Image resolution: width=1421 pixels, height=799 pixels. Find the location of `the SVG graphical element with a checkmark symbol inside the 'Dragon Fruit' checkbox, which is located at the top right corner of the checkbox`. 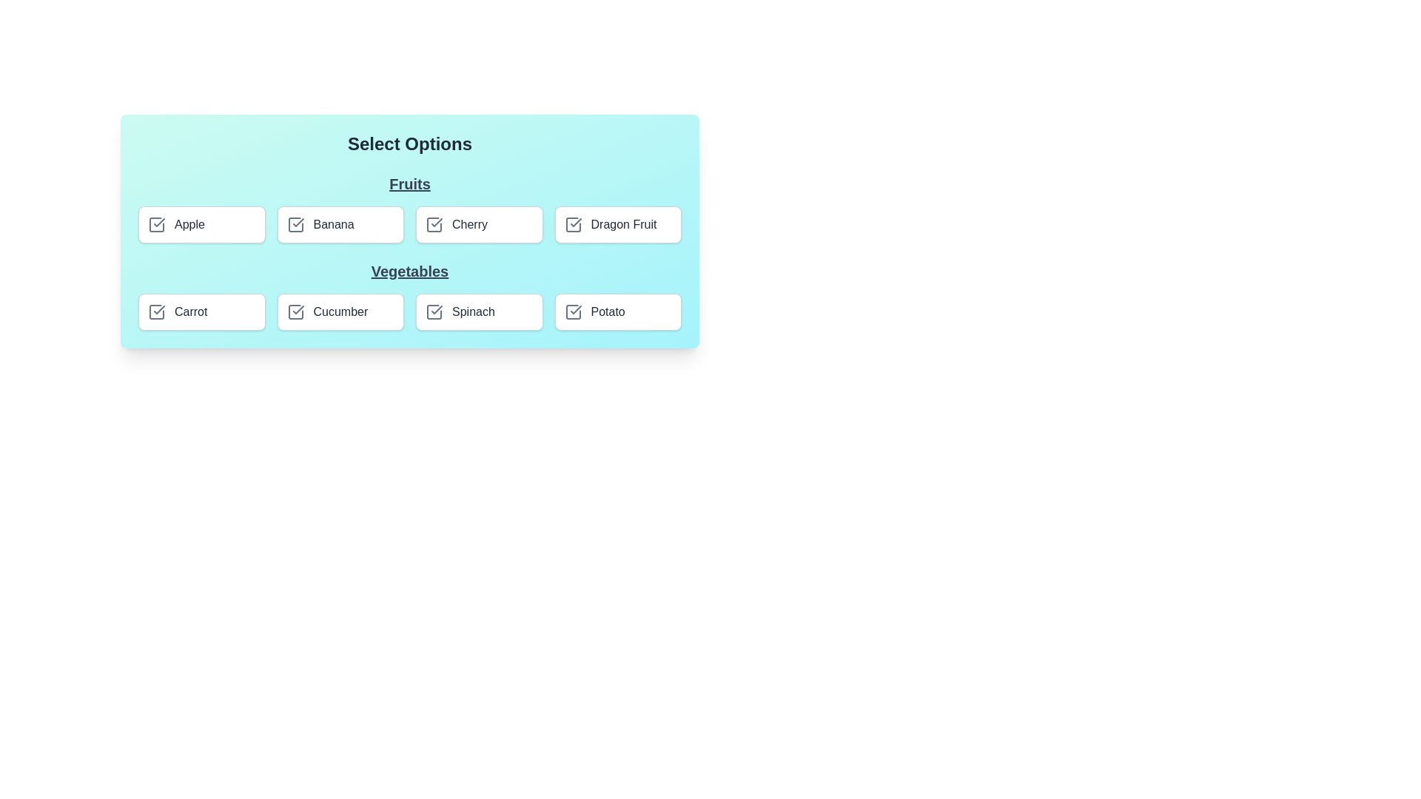

the SVG graphical element with a checkmark symbol inside the 'Dragon Fruit' checkbox, which is located at the top right corner of the checkbox is located at coordinates (572, 225).